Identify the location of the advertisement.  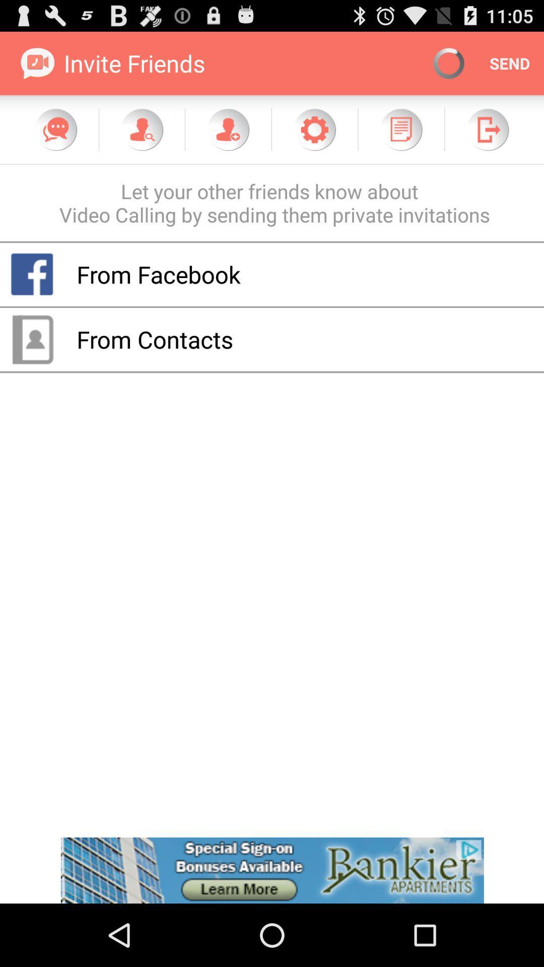
(272, 870).